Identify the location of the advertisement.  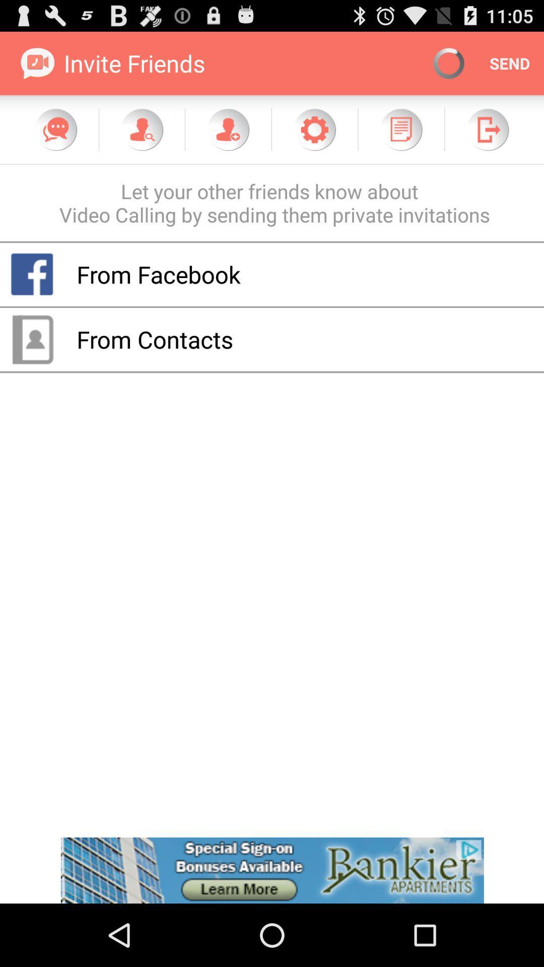
(272, 870).